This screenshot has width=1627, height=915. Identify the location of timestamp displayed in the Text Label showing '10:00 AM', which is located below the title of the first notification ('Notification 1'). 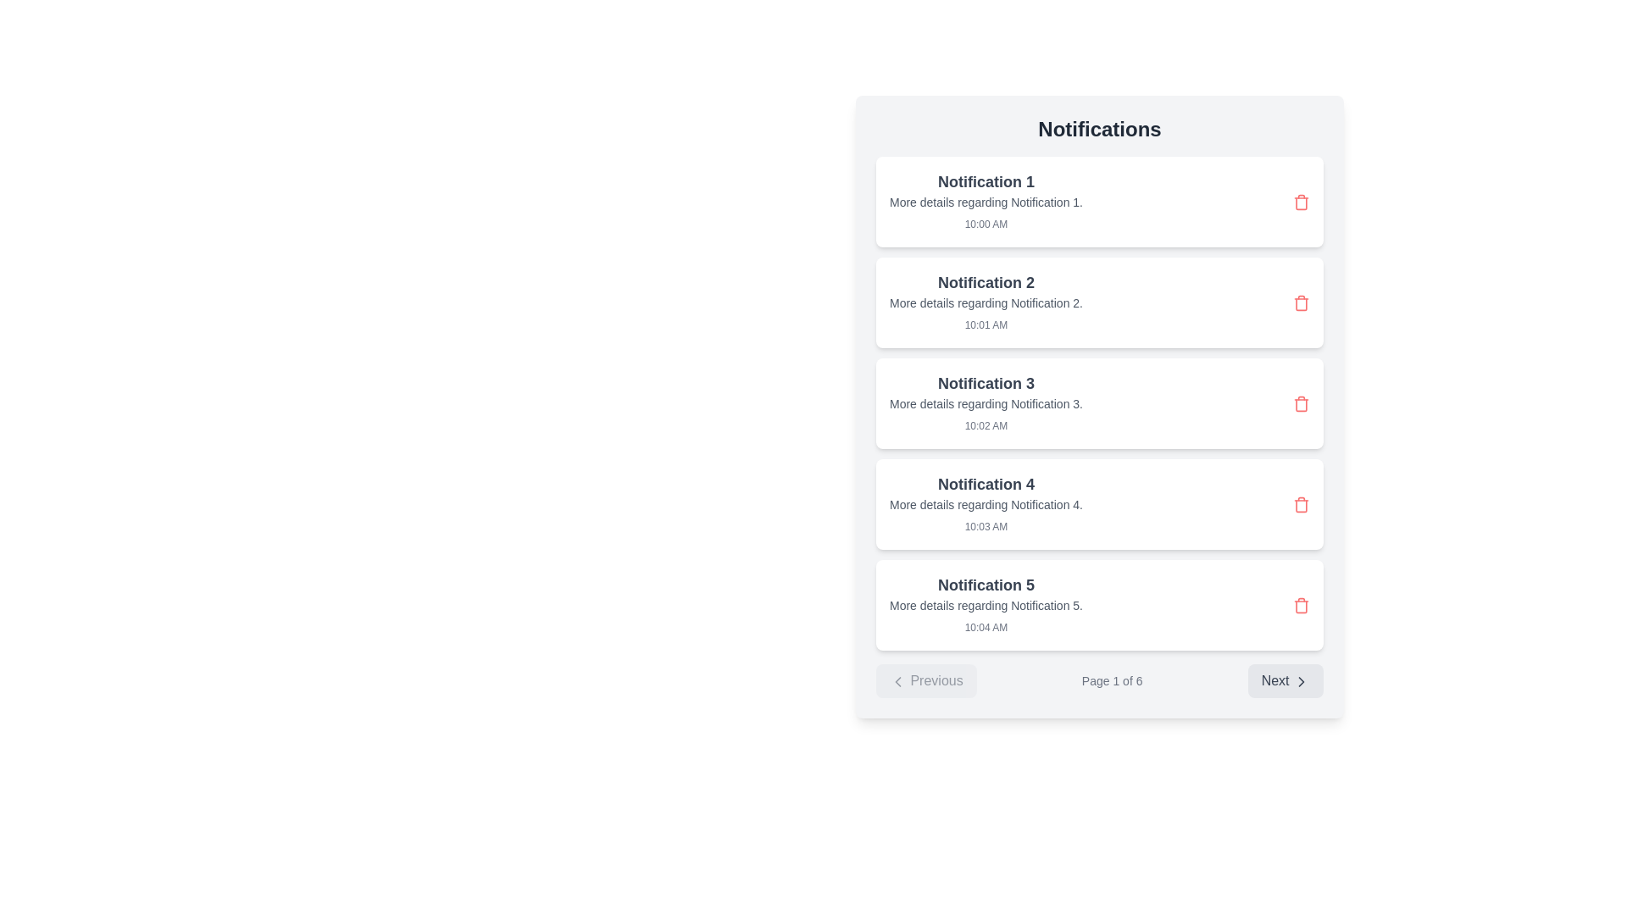
(986, 224).